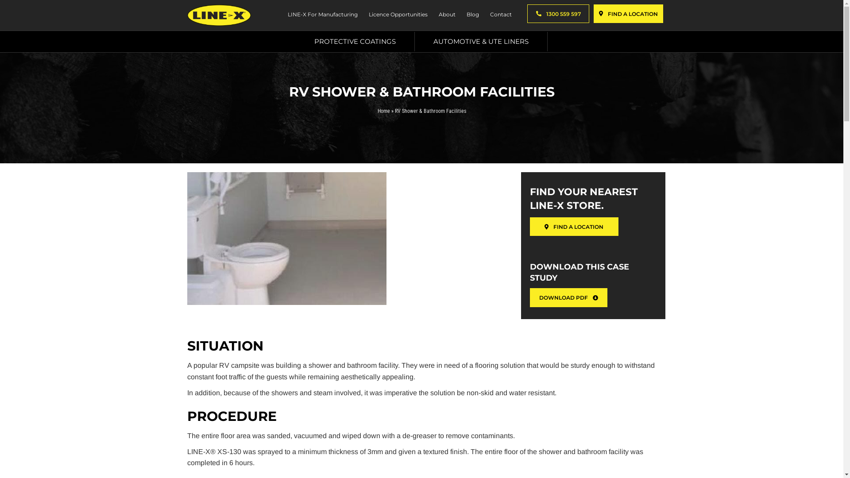  What do you see at coordinates (219, 15) in the screenshot?
I see `'Line-X-Logo'` at bounding box center [219, 15].